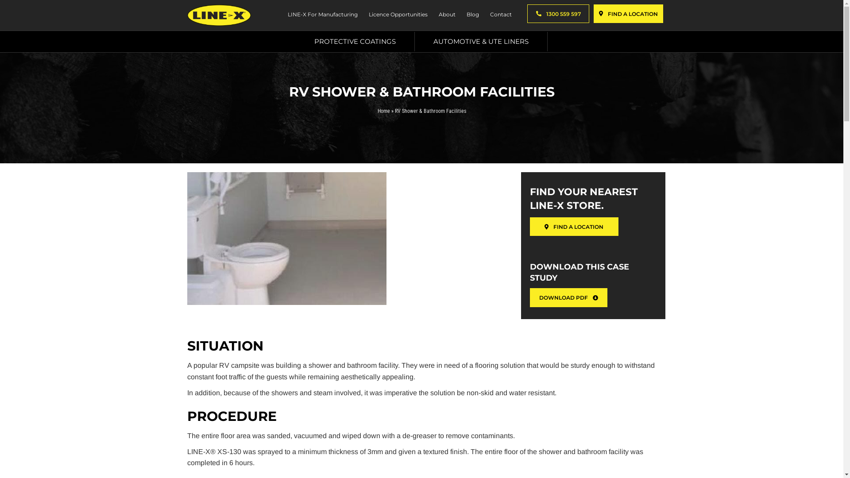  What do you see at coordinates (219, 15) in the screenshot?
I see `'Line-X-Logo'` at bounding box center [219, 15].